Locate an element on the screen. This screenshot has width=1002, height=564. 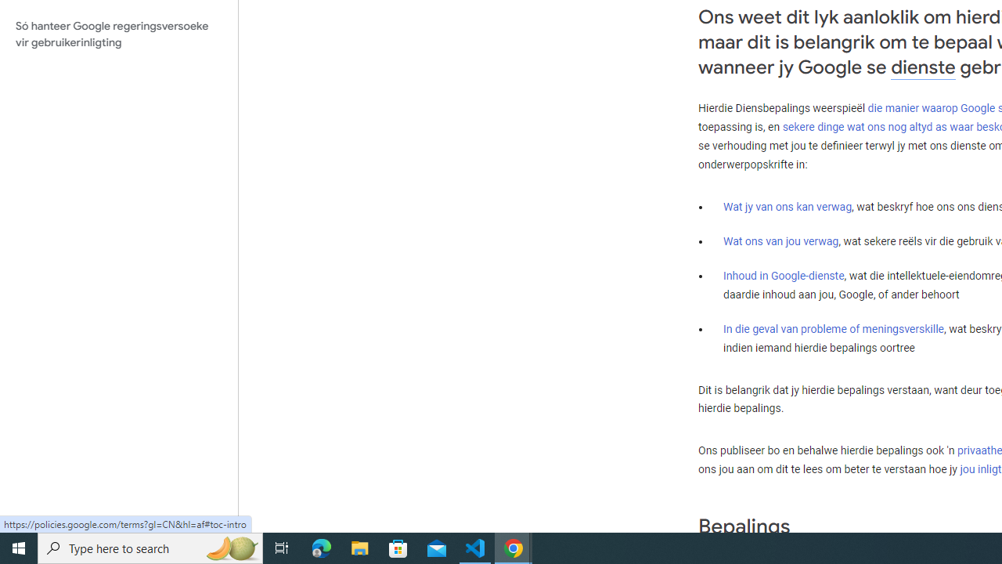
'dienste' is located at coordinates (923, 67).